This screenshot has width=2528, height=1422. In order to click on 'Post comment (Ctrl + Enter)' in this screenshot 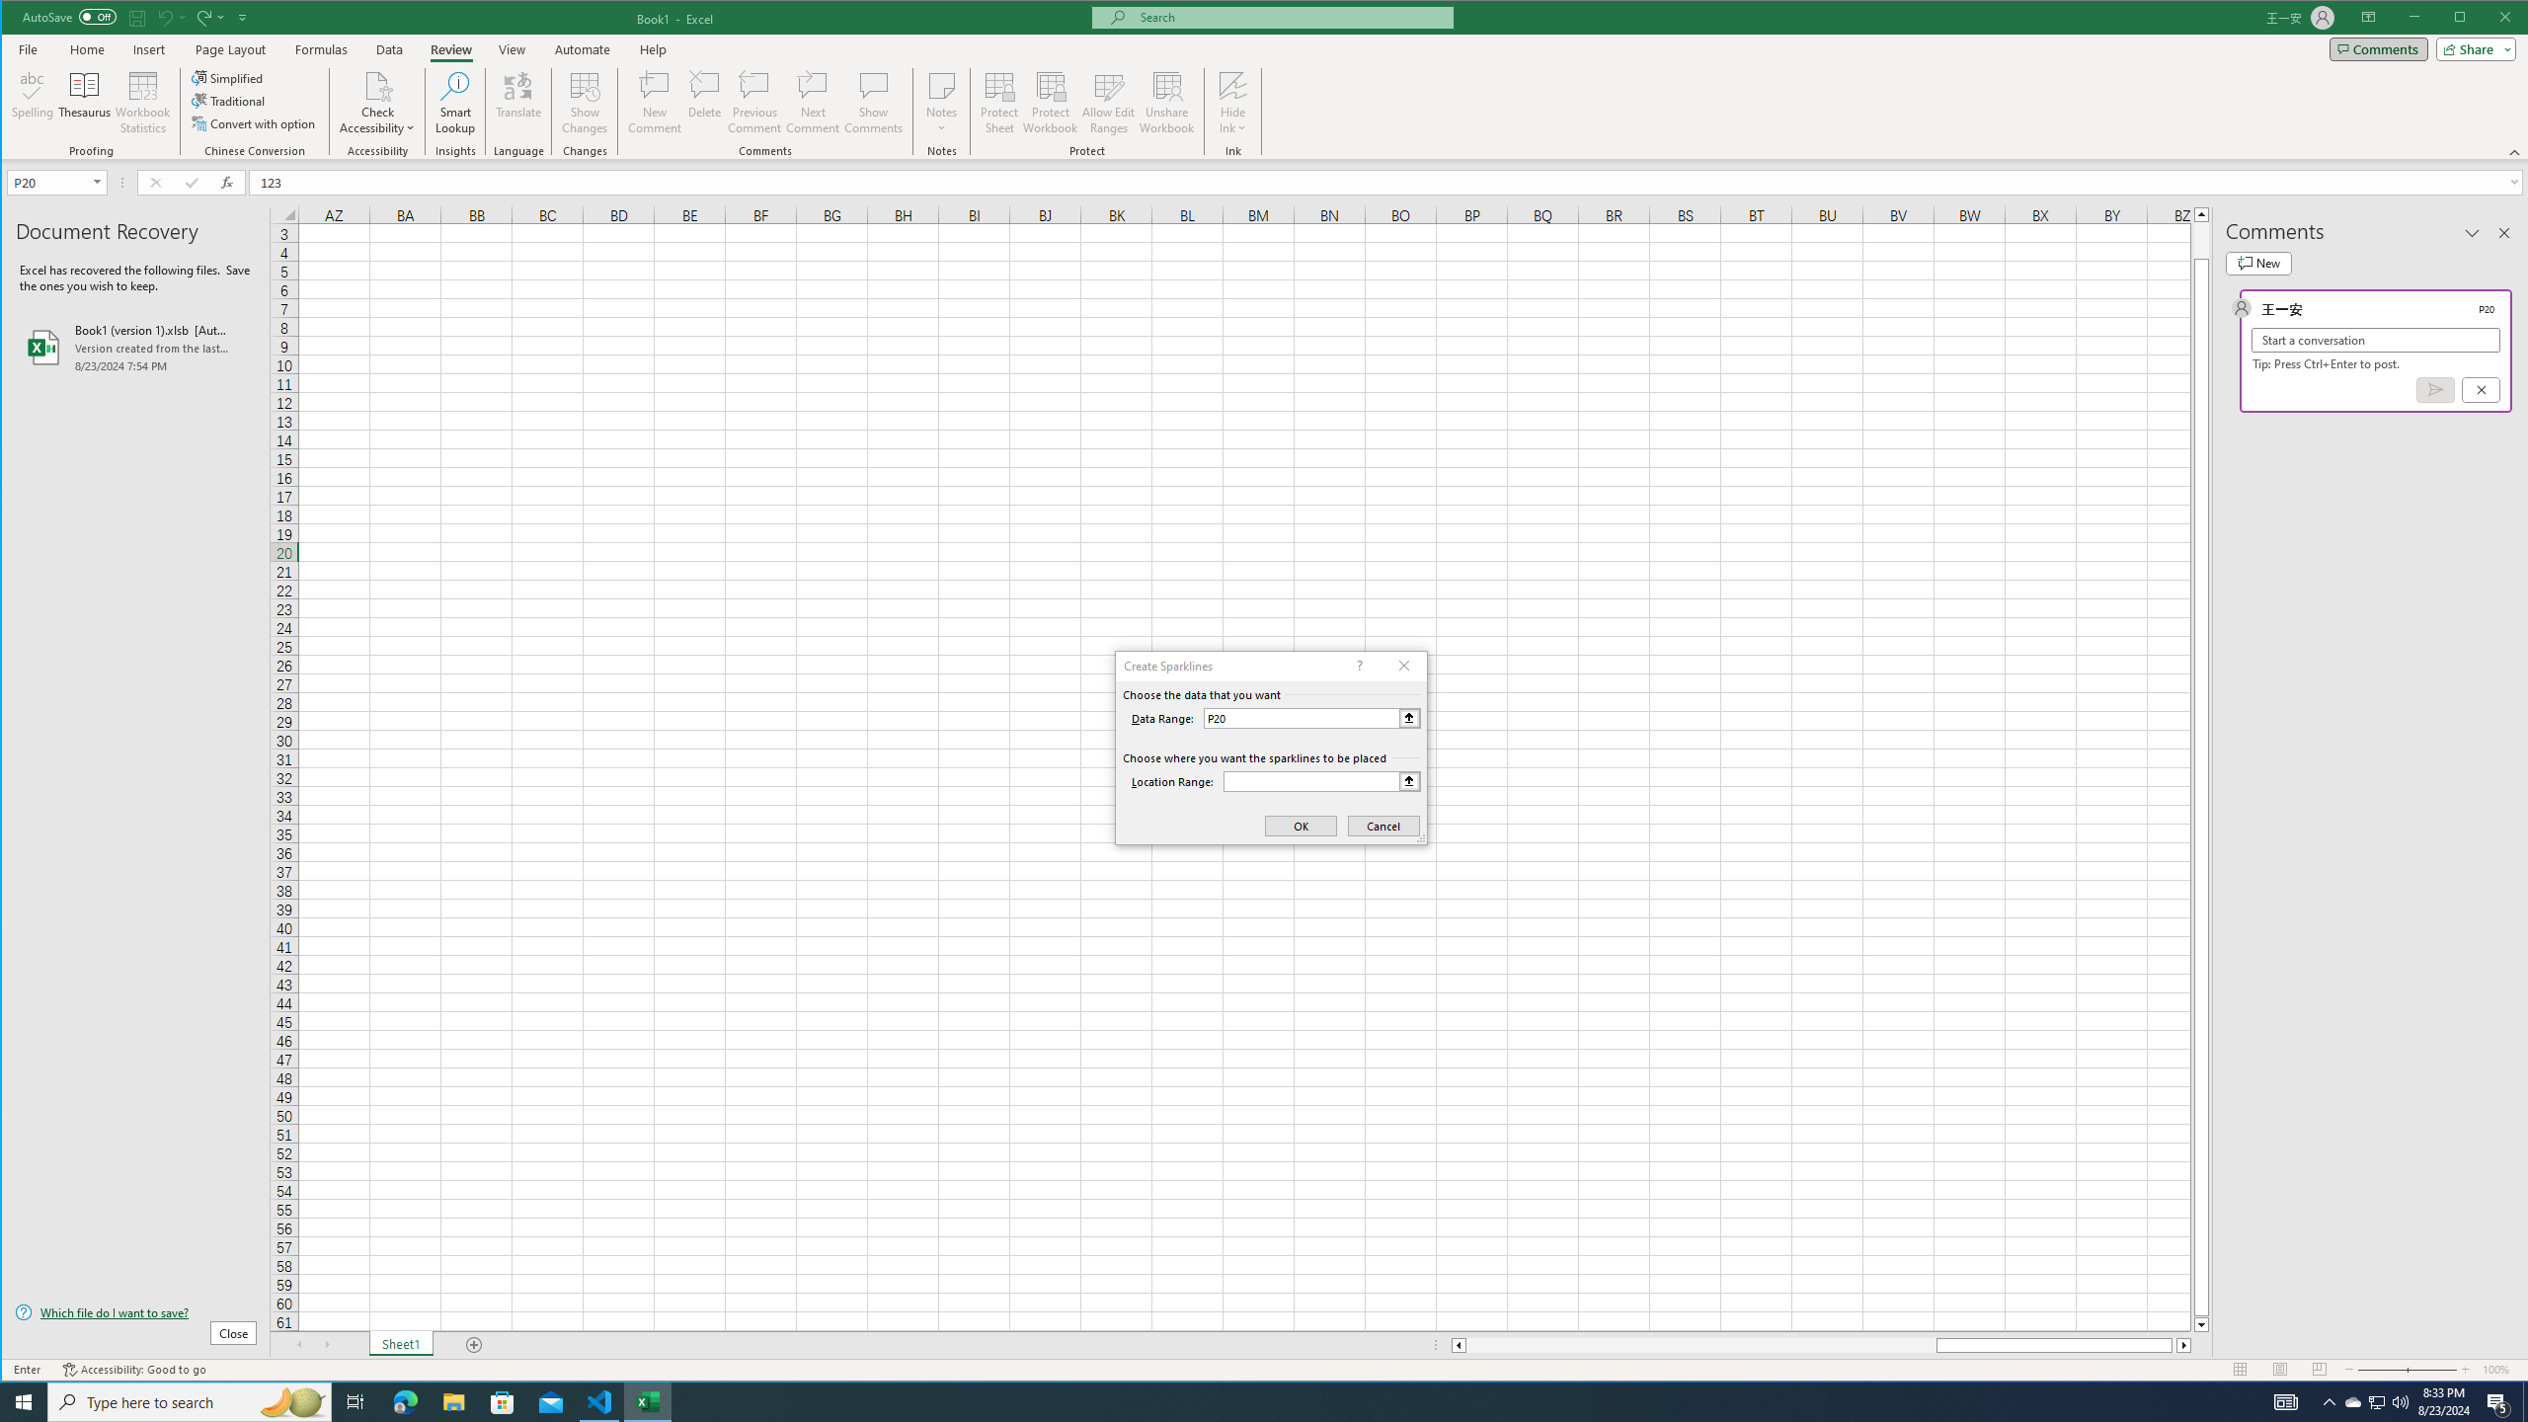, I will do `click(2435, 389)`.